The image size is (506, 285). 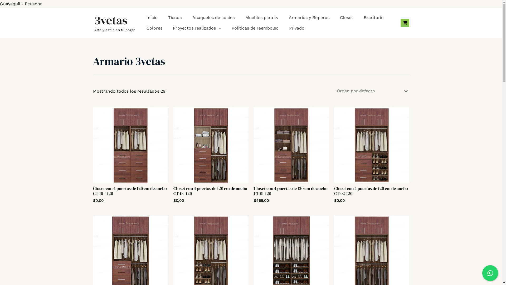 I want to click on 'Closet', so click(x=347, y=17).